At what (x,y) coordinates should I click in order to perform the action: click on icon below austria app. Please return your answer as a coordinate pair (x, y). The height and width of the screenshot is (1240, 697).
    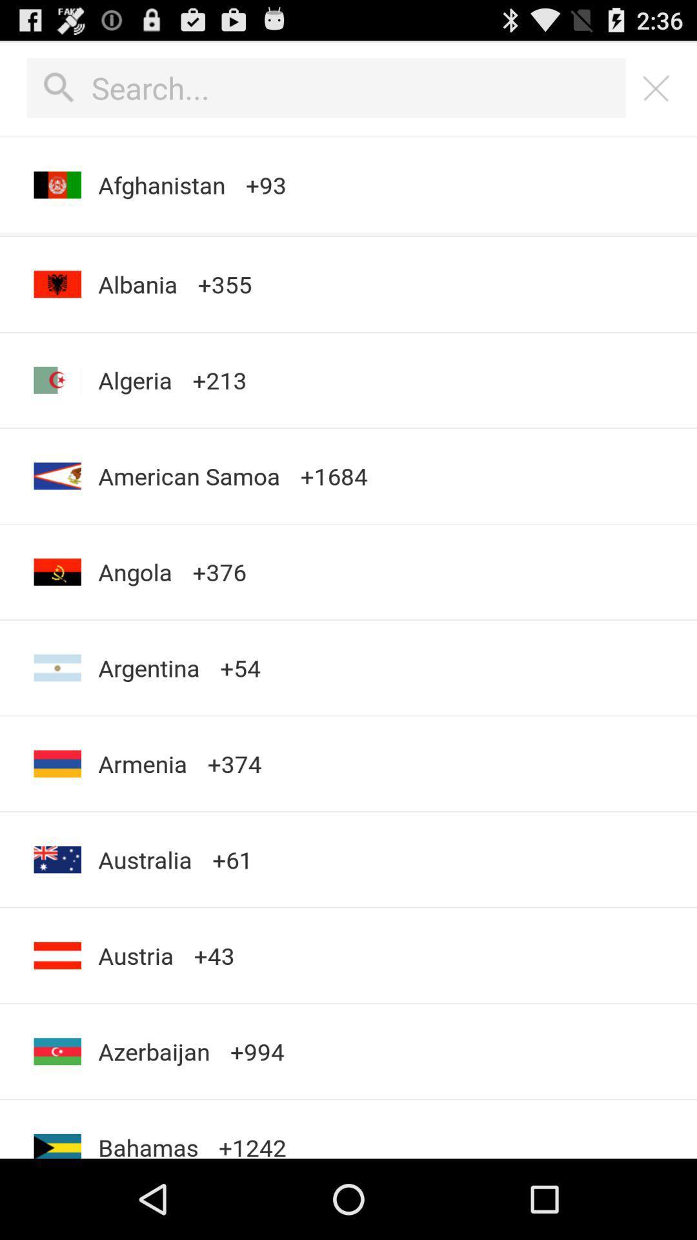
    Looking at the image, I should click on (153, 1051).